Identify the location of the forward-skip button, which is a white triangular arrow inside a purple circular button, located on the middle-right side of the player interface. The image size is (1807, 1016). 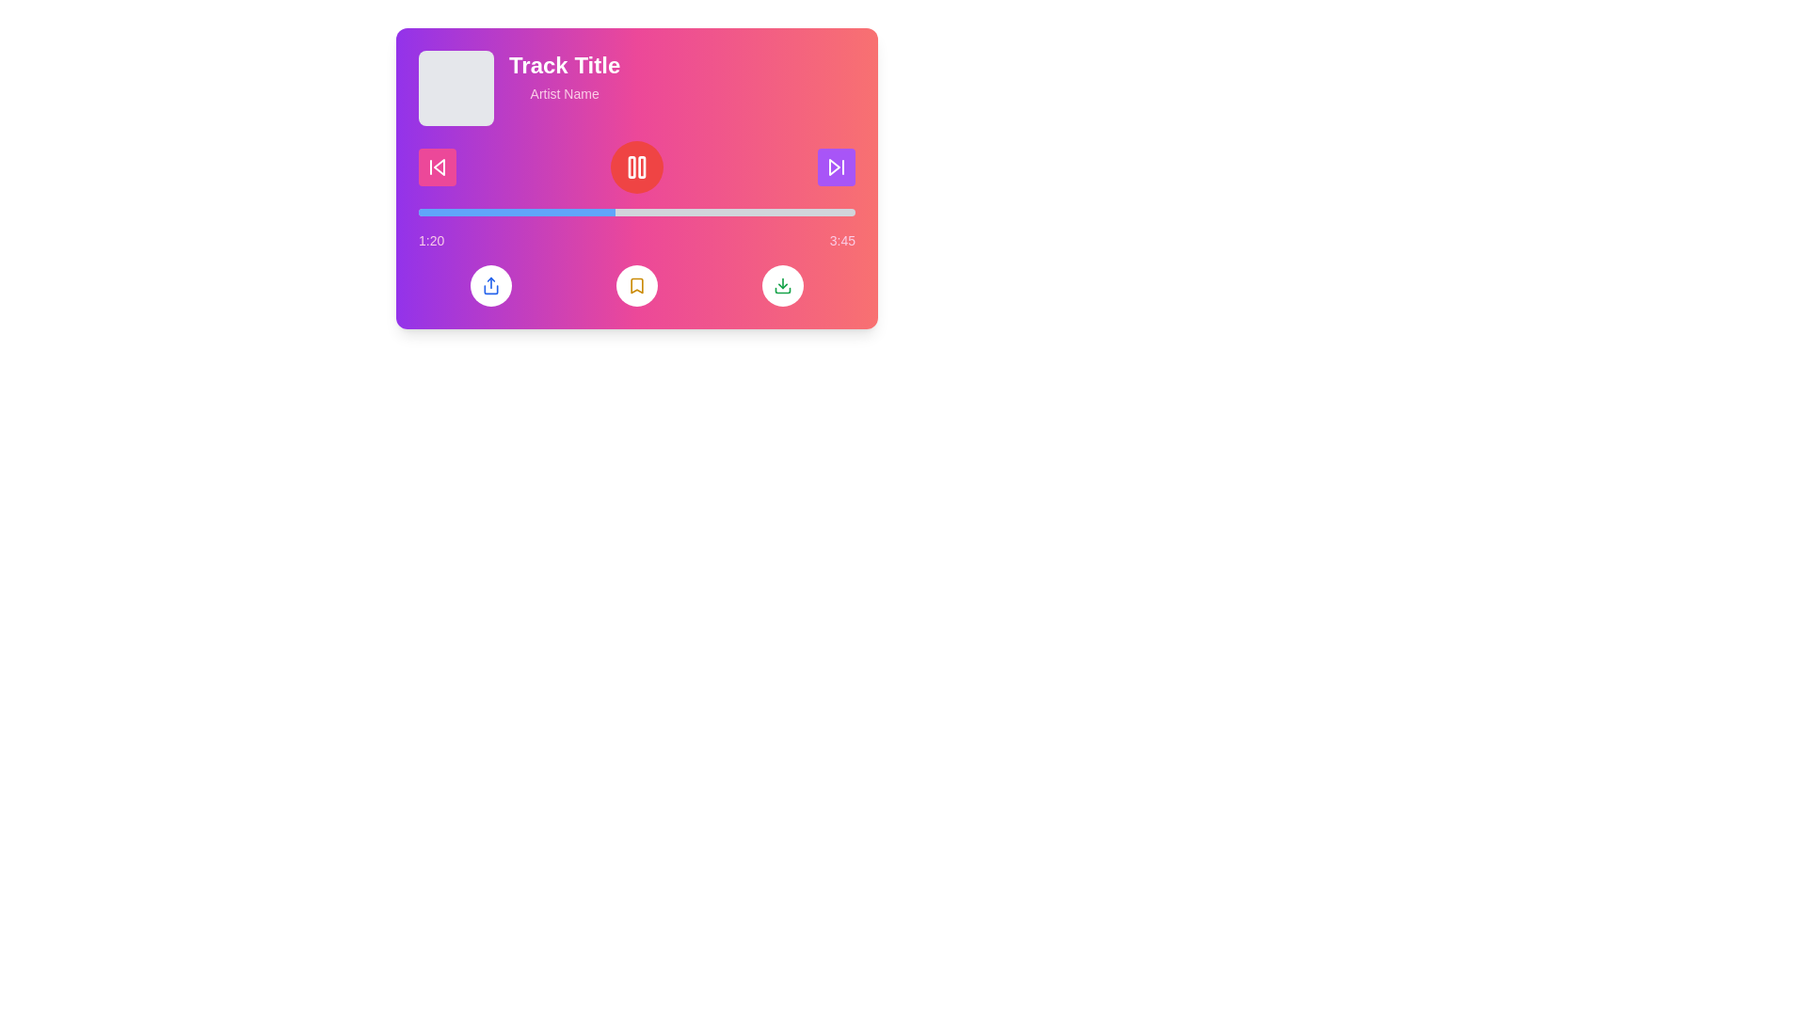
(835, 166).